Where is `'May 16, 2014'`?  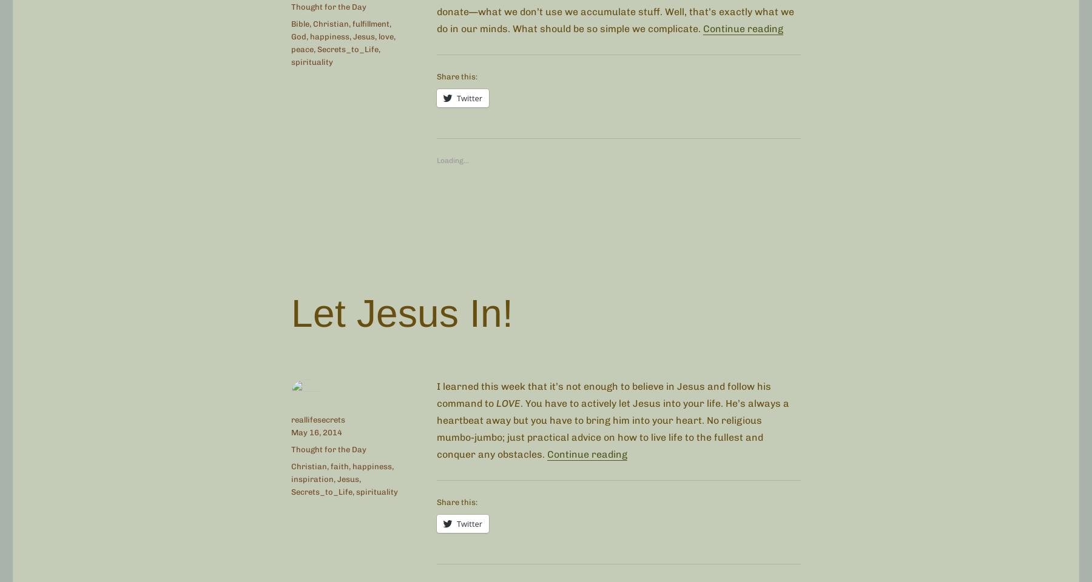 'May 16, 2014' is located at coordinates (316, 432).